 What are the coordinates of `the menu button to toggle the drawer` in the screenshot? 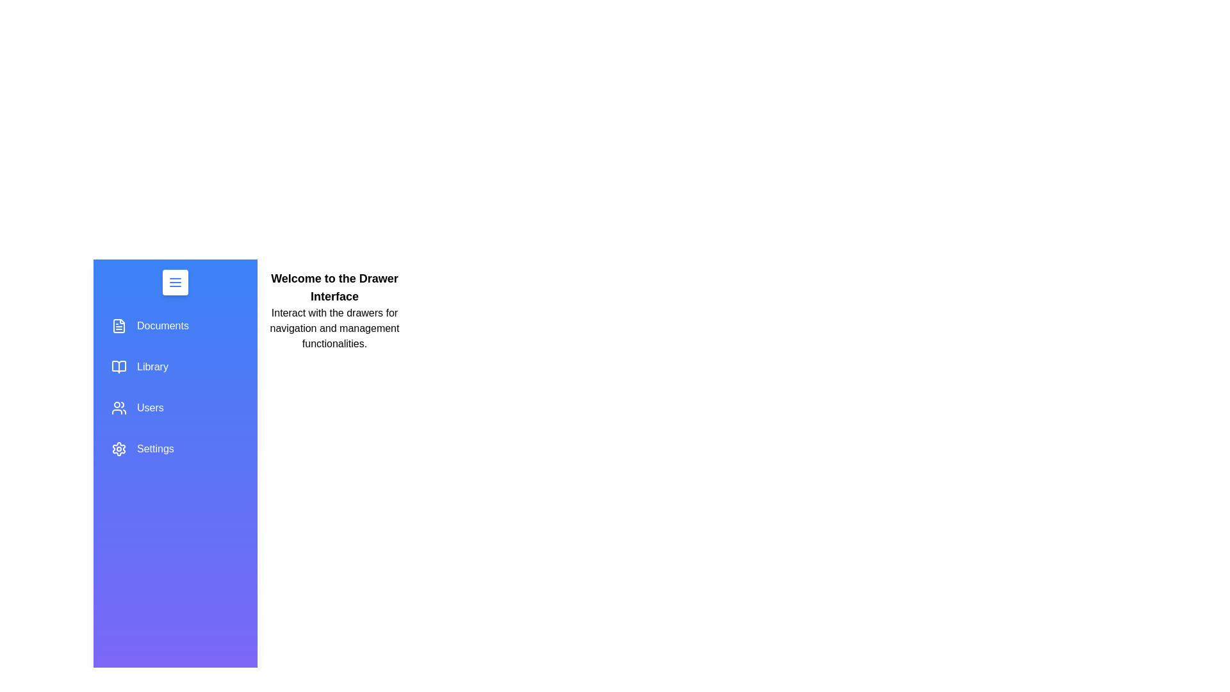 It's located at (174, 281).